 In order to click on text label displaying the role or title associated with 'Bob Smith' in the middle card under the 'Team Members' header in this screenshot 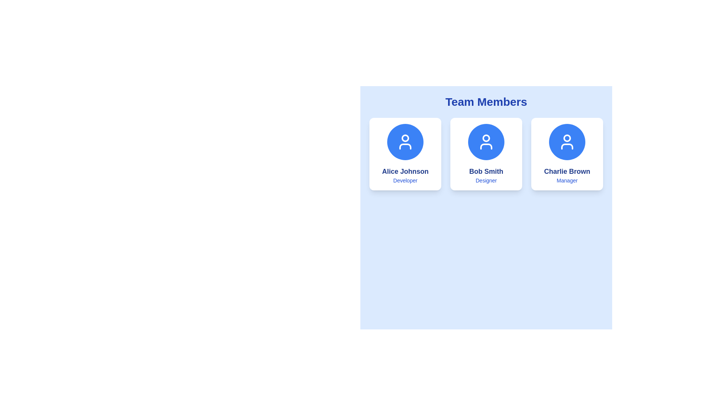, I will do `click(486, 181)`.